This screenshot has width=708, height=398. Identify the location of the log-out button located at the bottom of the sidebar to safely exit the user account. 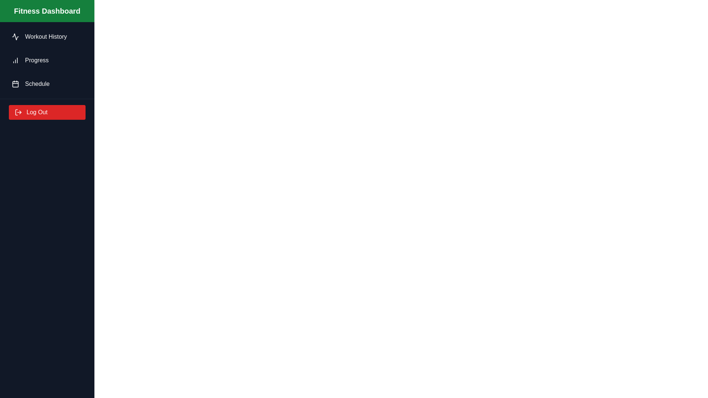
(47, 112).